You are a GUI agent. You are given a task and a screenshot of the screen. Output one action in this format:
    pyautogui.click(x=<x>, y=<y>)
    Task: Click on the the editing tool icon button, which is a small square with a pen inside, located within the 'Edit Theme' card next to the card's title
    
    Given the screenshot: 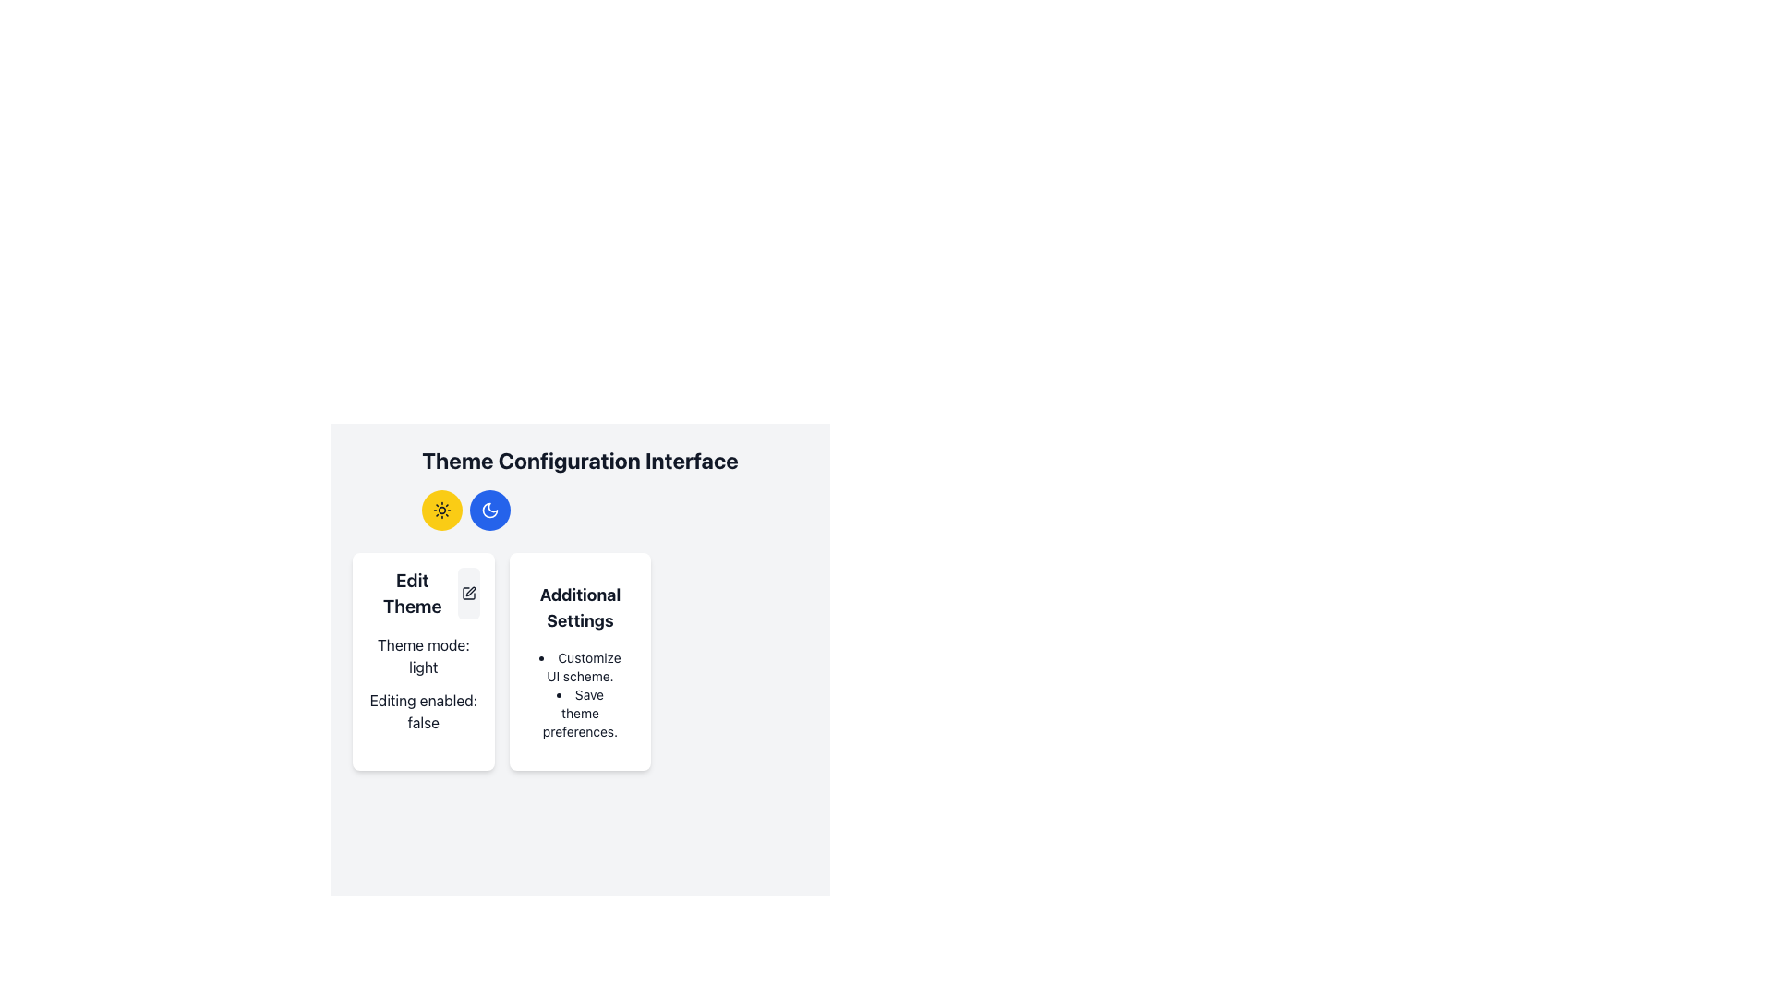 What is the action you would take?
    pyautogui.click(x=468, y=594)
    